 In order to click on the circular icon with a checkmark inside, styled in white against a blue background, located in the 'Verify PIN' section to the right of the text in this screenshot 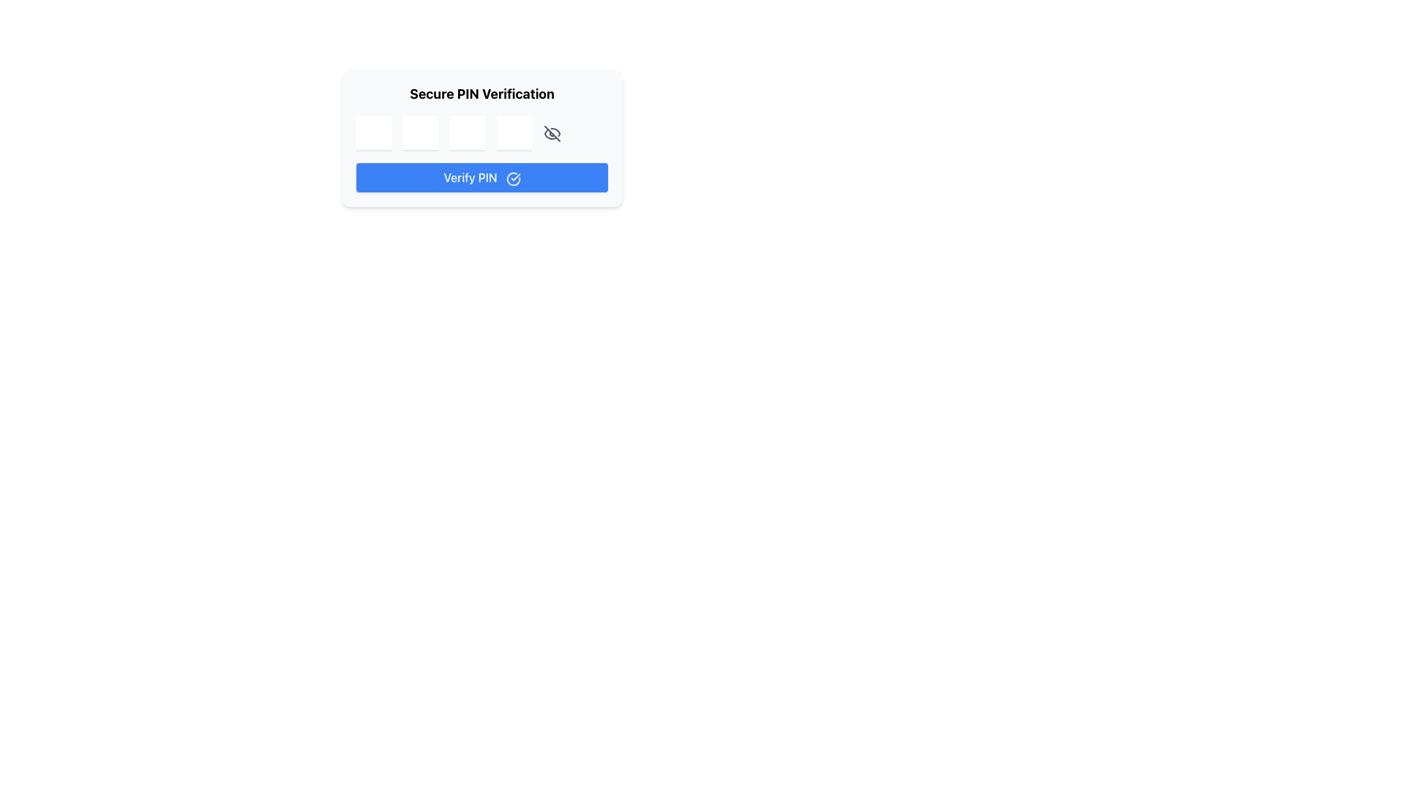, I will do `click(513, 178)`.